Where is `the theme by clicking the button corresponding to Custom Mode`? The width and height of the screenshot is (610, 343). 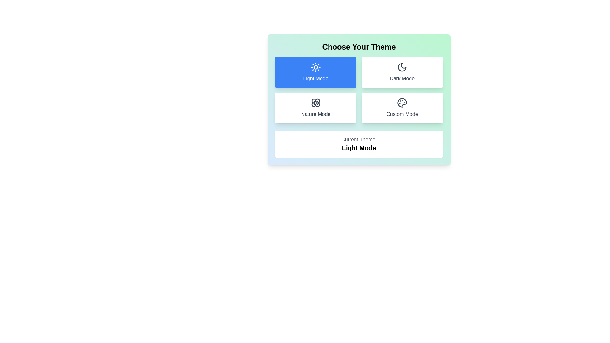 the theme by clicking the button corresponding to Custom Mode is located at coordinates (402, 107).